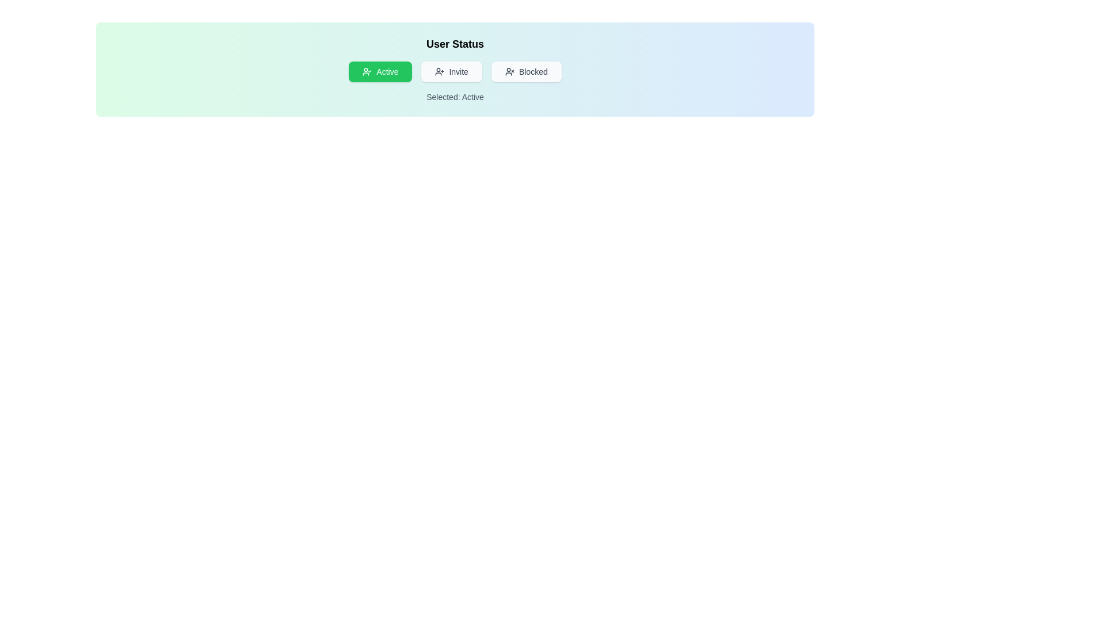 The height and width of the screenshot is (621, 1105). I want to click on the chip labeled Invite, so click(451, 71).